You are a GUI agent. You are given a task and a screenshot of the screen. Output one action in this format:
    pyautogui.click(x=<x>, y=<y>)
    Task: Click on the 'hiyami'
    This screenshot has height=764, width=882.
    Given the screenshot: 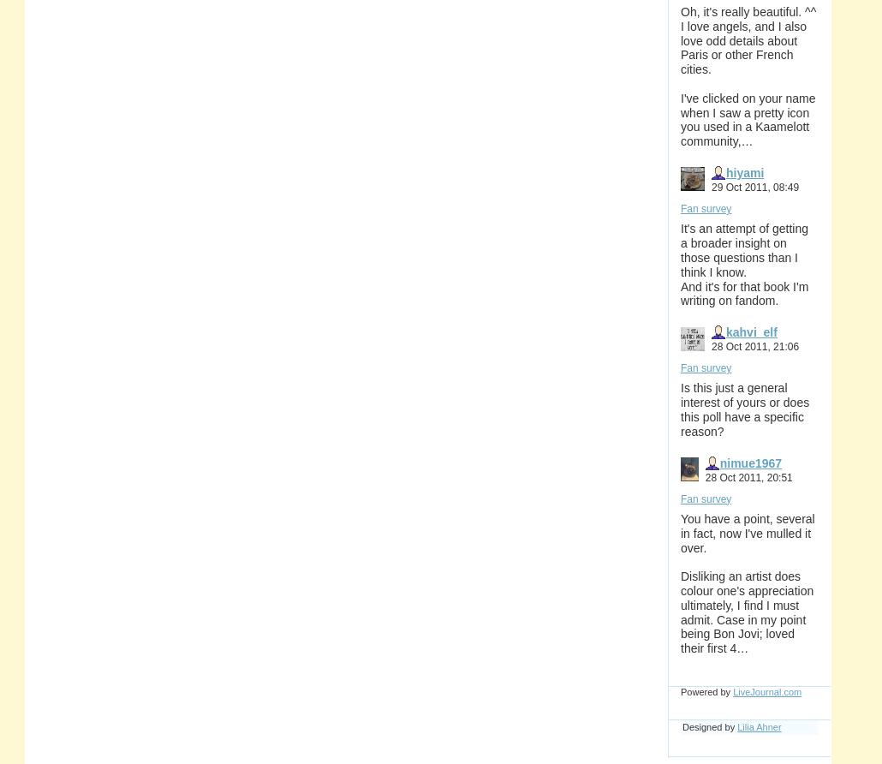 What is the action you would take?
    pyautogui.click(x=724, y=170)
    